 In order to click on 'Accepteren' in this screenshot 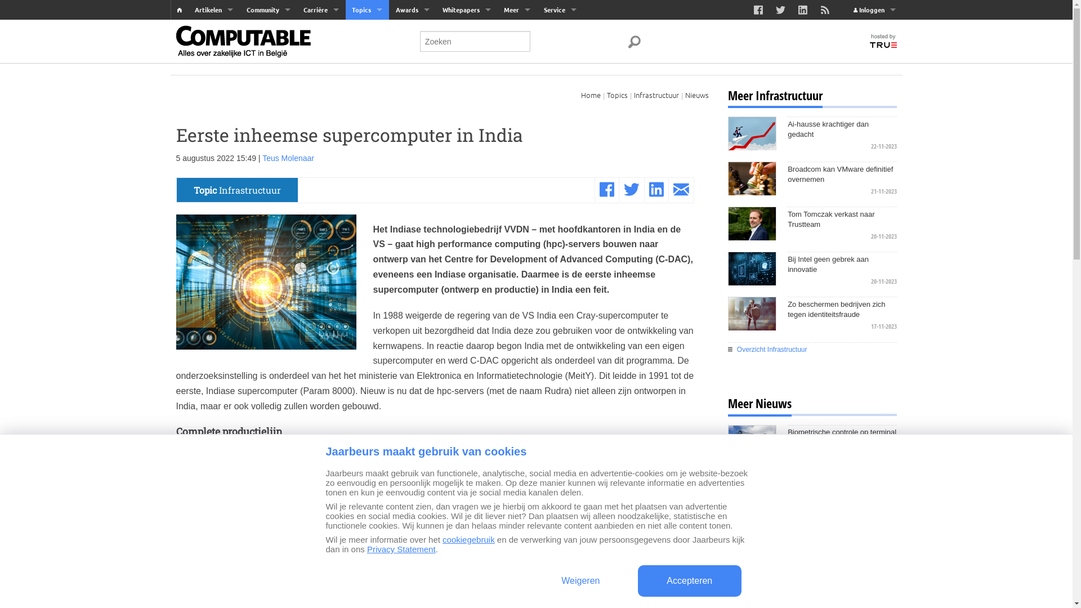, I will do `click(689, 581)`.